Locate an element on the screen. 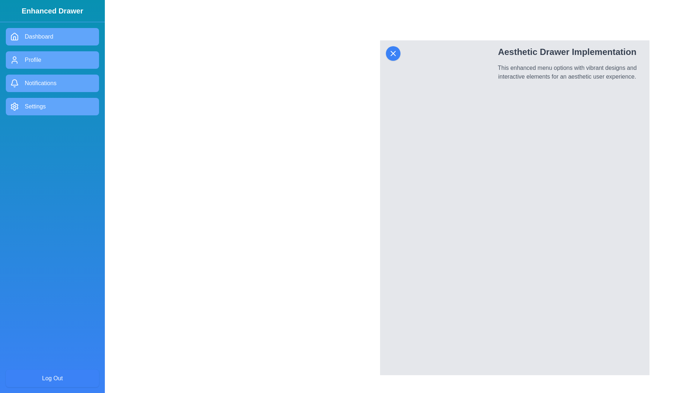 The width and height of the screenshot is (699, 393). the Notifications button icon located in the vertical menu on the left, positioned directly beneath the Profile button and above the Settings button is located at coordinates (14, 82).